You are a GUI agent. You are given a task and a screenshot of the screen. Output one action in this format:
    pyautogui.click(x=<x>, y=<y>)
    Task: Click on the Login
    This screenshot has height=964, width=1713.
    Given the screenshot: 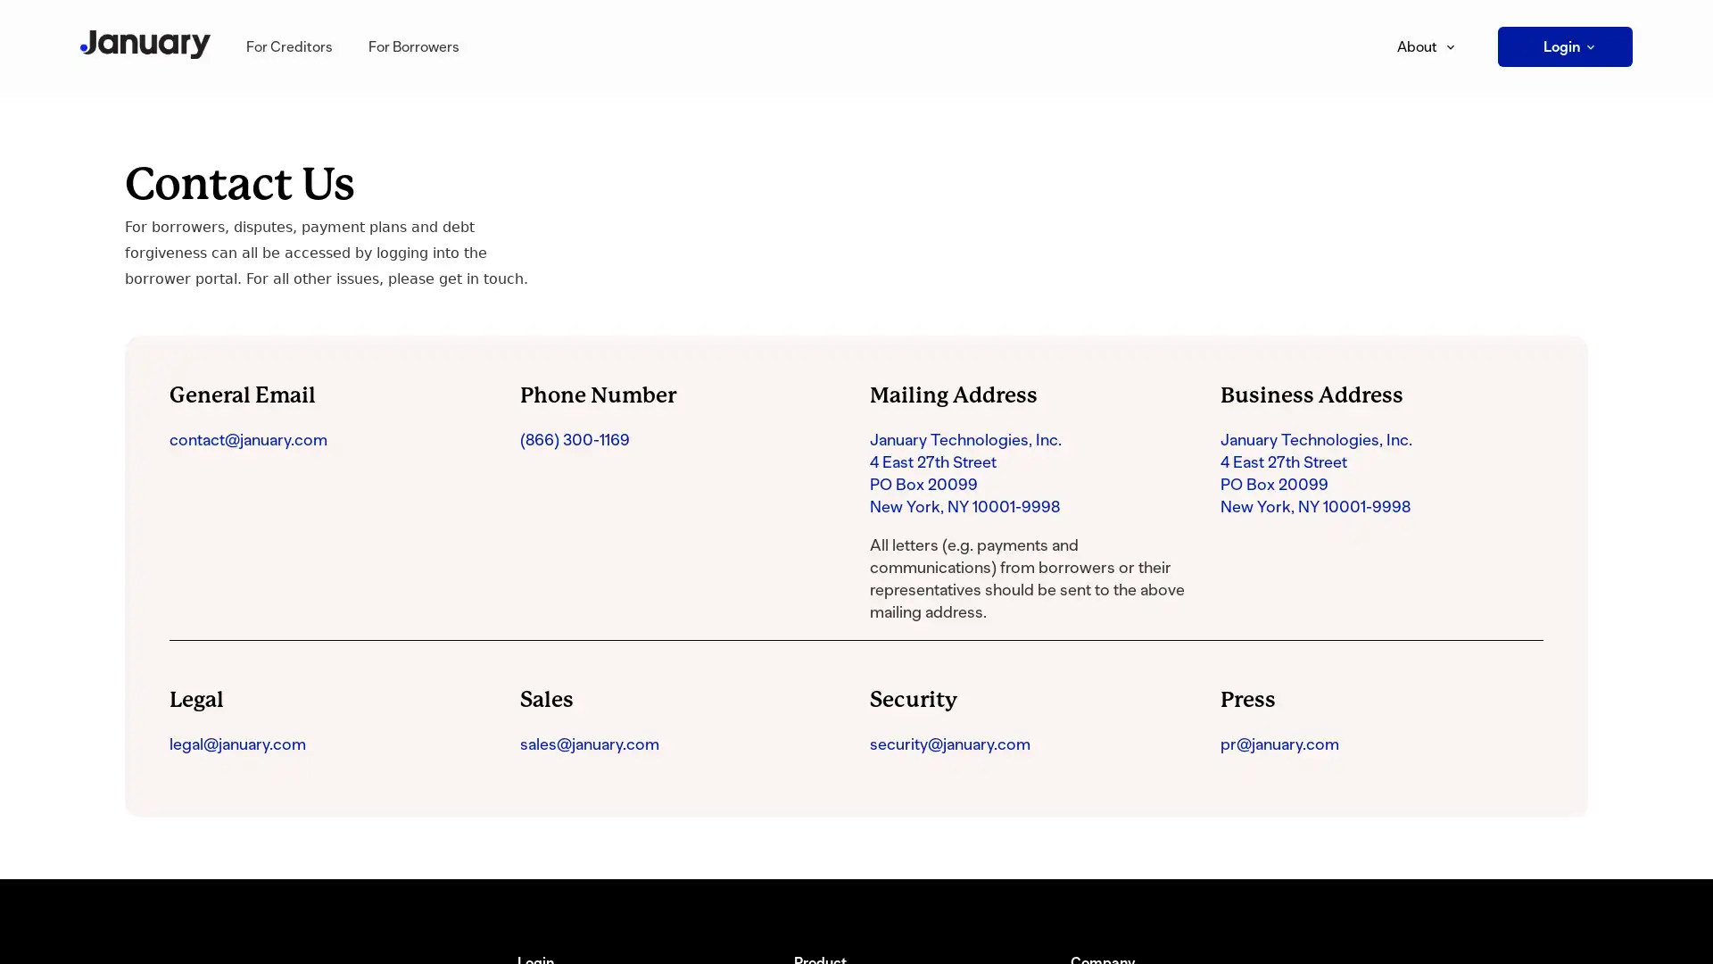 What is the action you would take?
    pyautogui.click(x=1564, y=46)
    